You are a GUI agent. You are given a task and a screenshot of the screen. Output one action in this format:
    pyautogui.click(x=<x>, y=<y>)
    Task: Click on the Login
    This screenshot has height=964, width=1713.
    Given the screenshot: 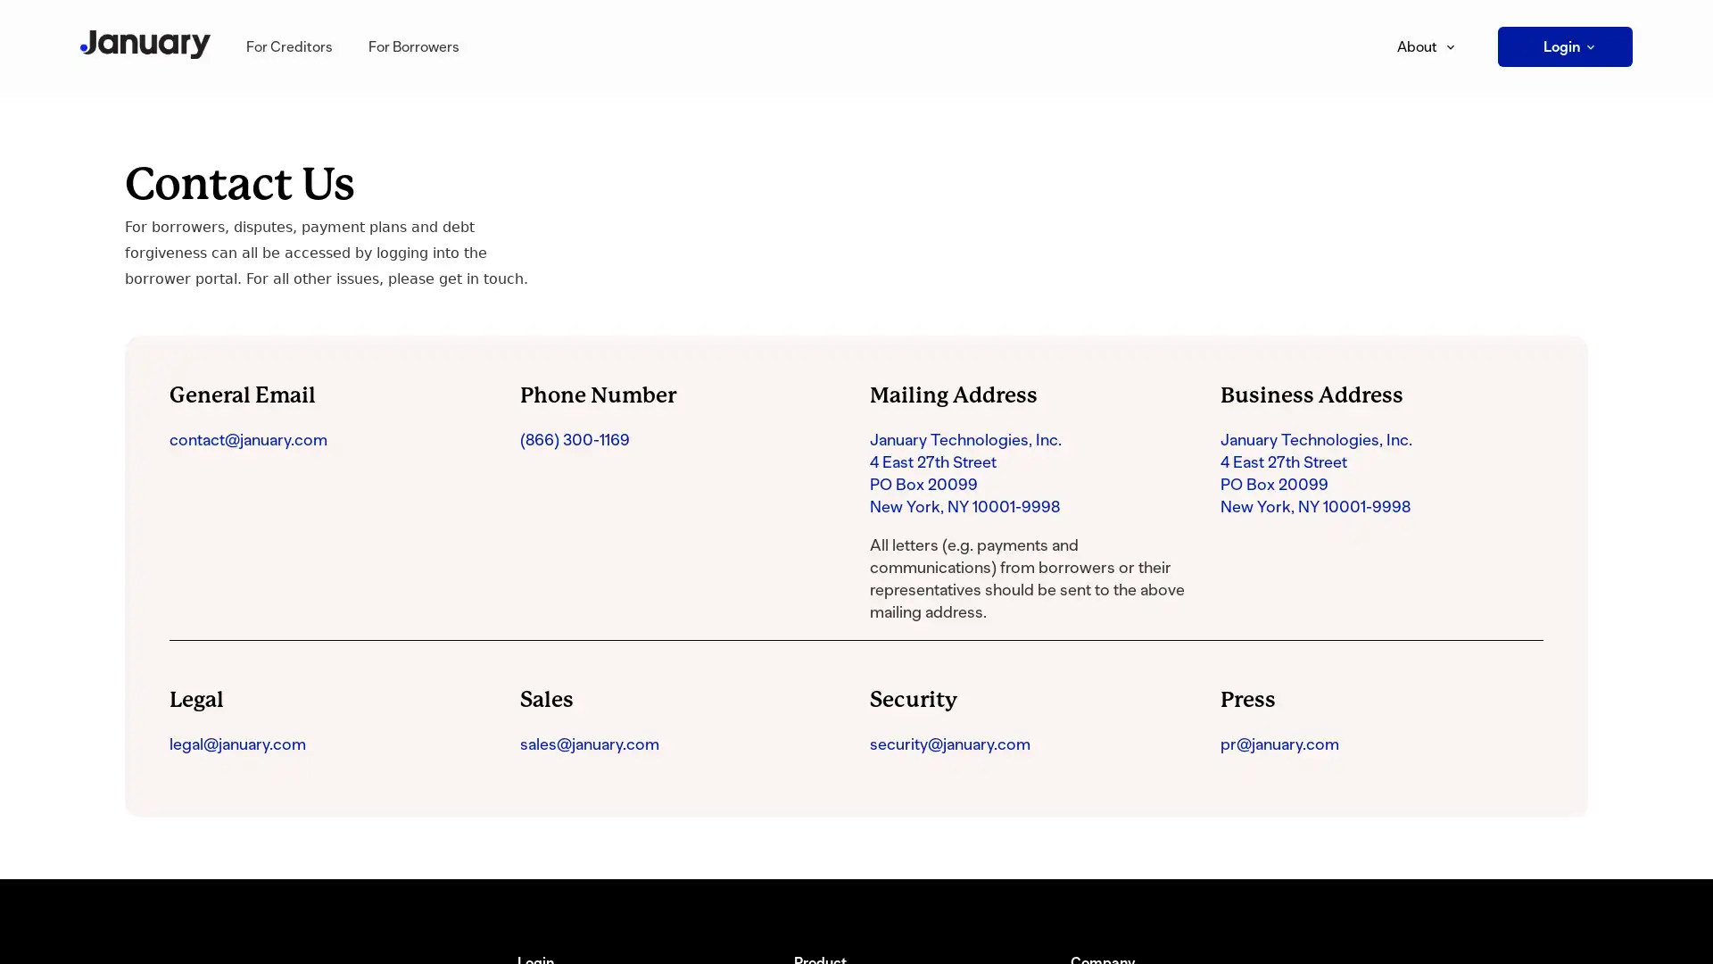 What is the action you would take?
    pyautogui.click(x=1564, y=46)
    